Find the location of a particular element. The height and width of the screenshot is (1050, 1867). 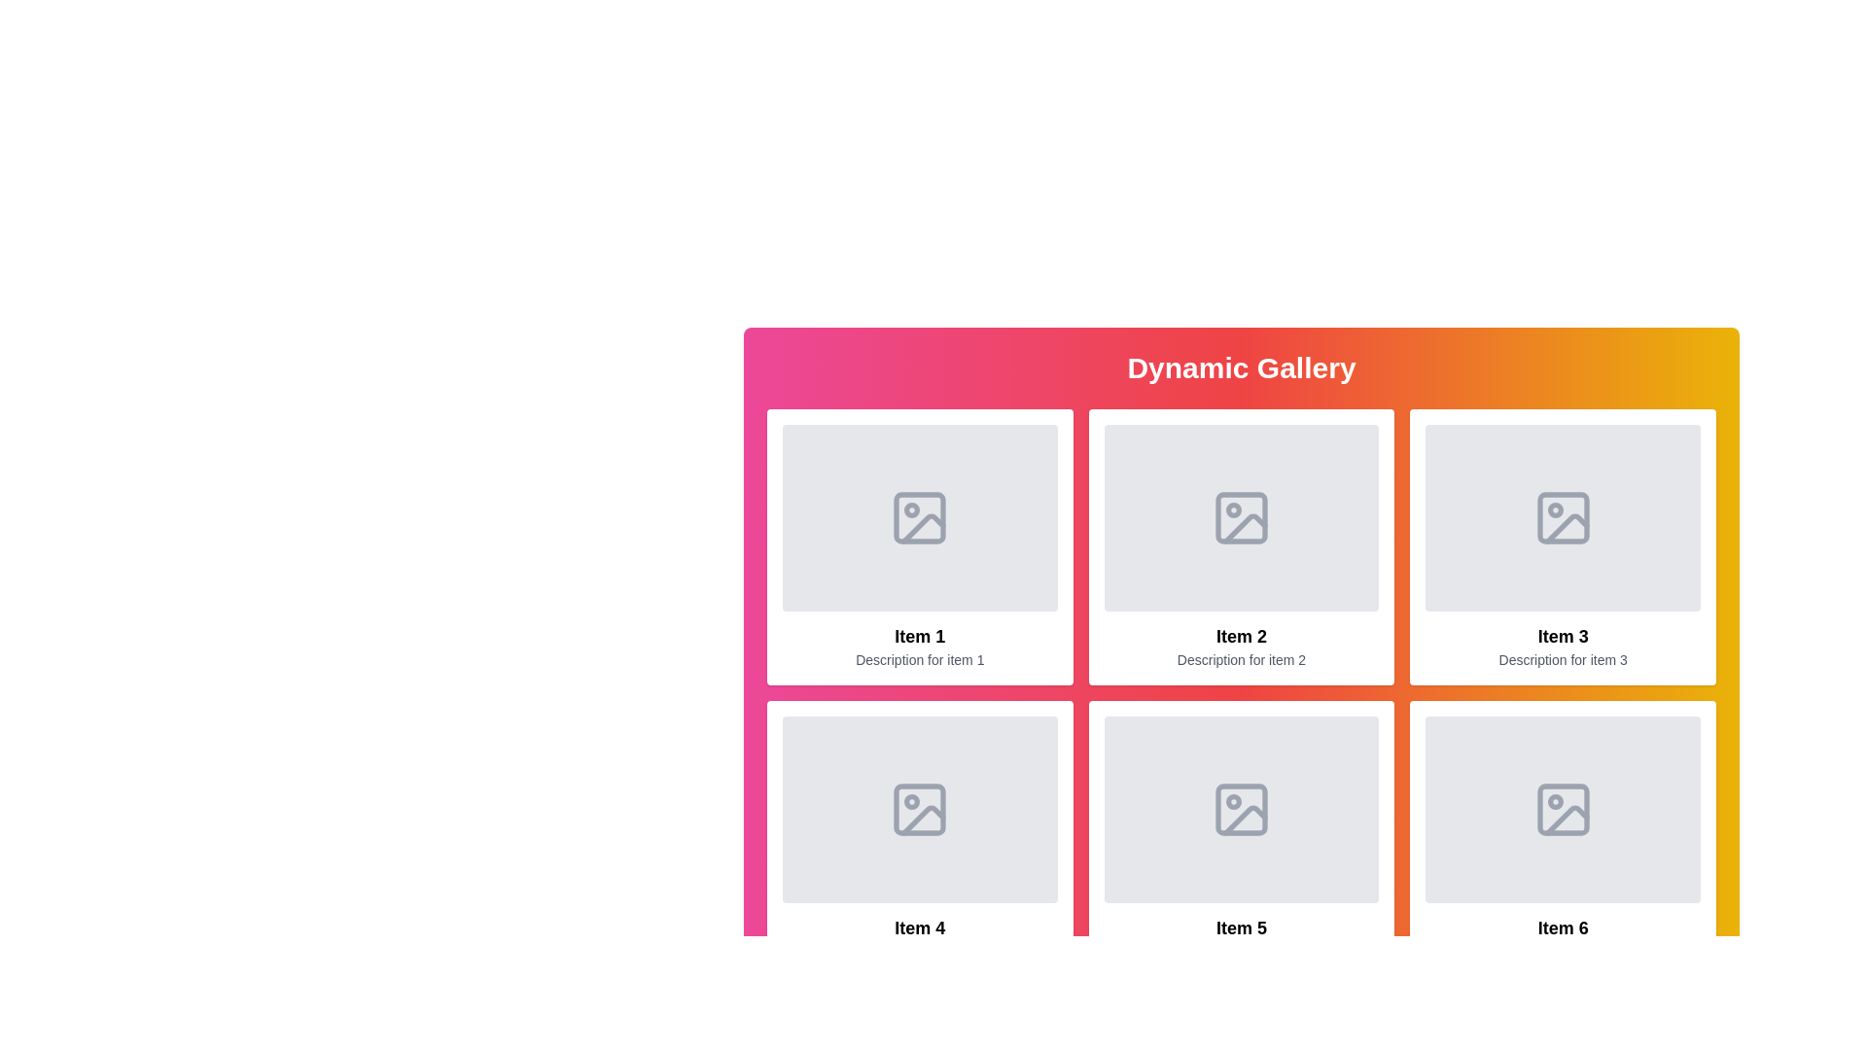

the Circle decoration within the photo frame icon located in the fifth item of the six-item grid is located at coordinates (1232, 802).